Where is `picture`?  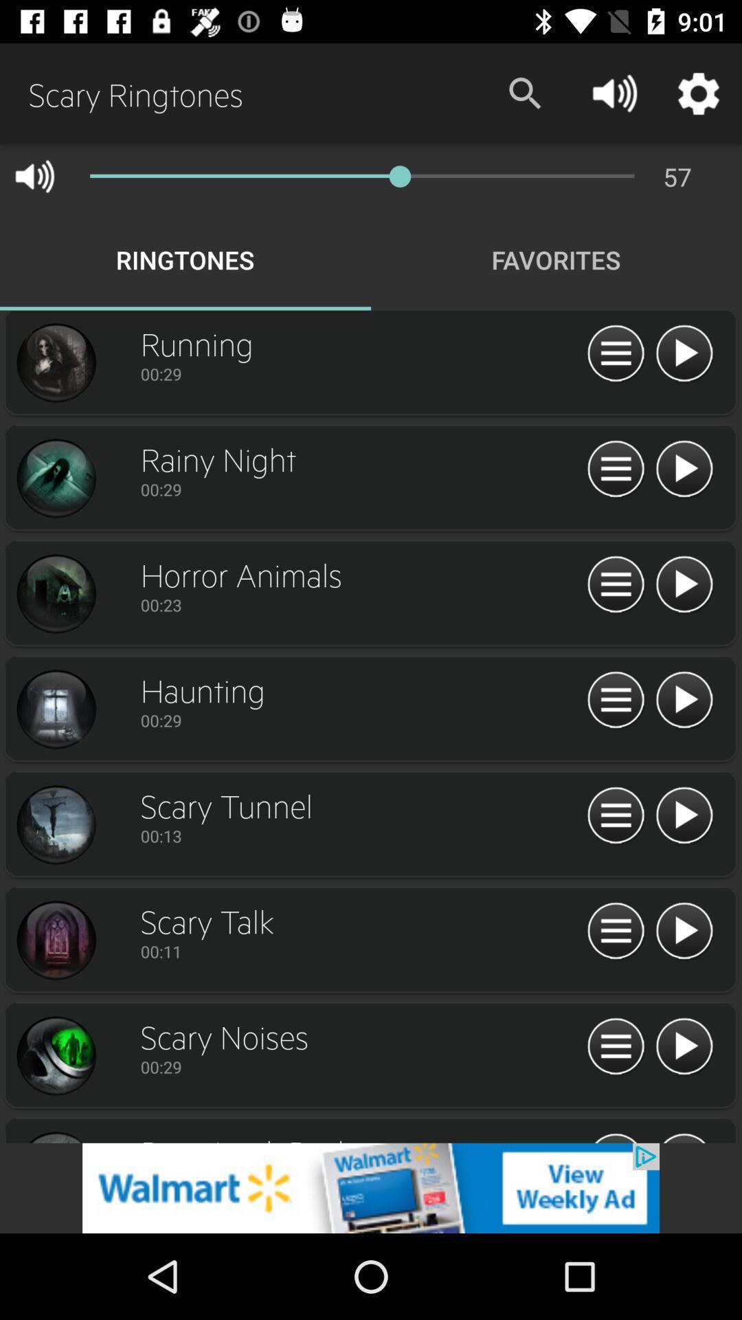
picture is located at coordinates (55, 478).